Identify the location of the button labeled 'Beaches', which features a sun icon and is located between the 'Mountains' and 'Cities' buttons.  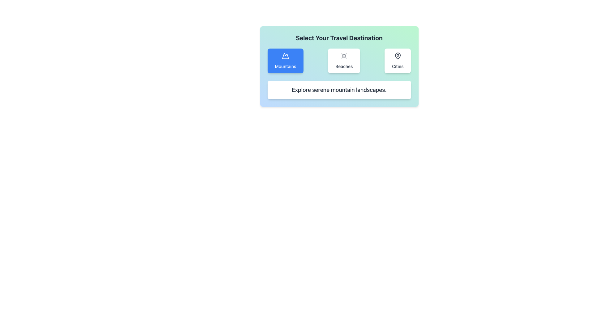
(344, 61).